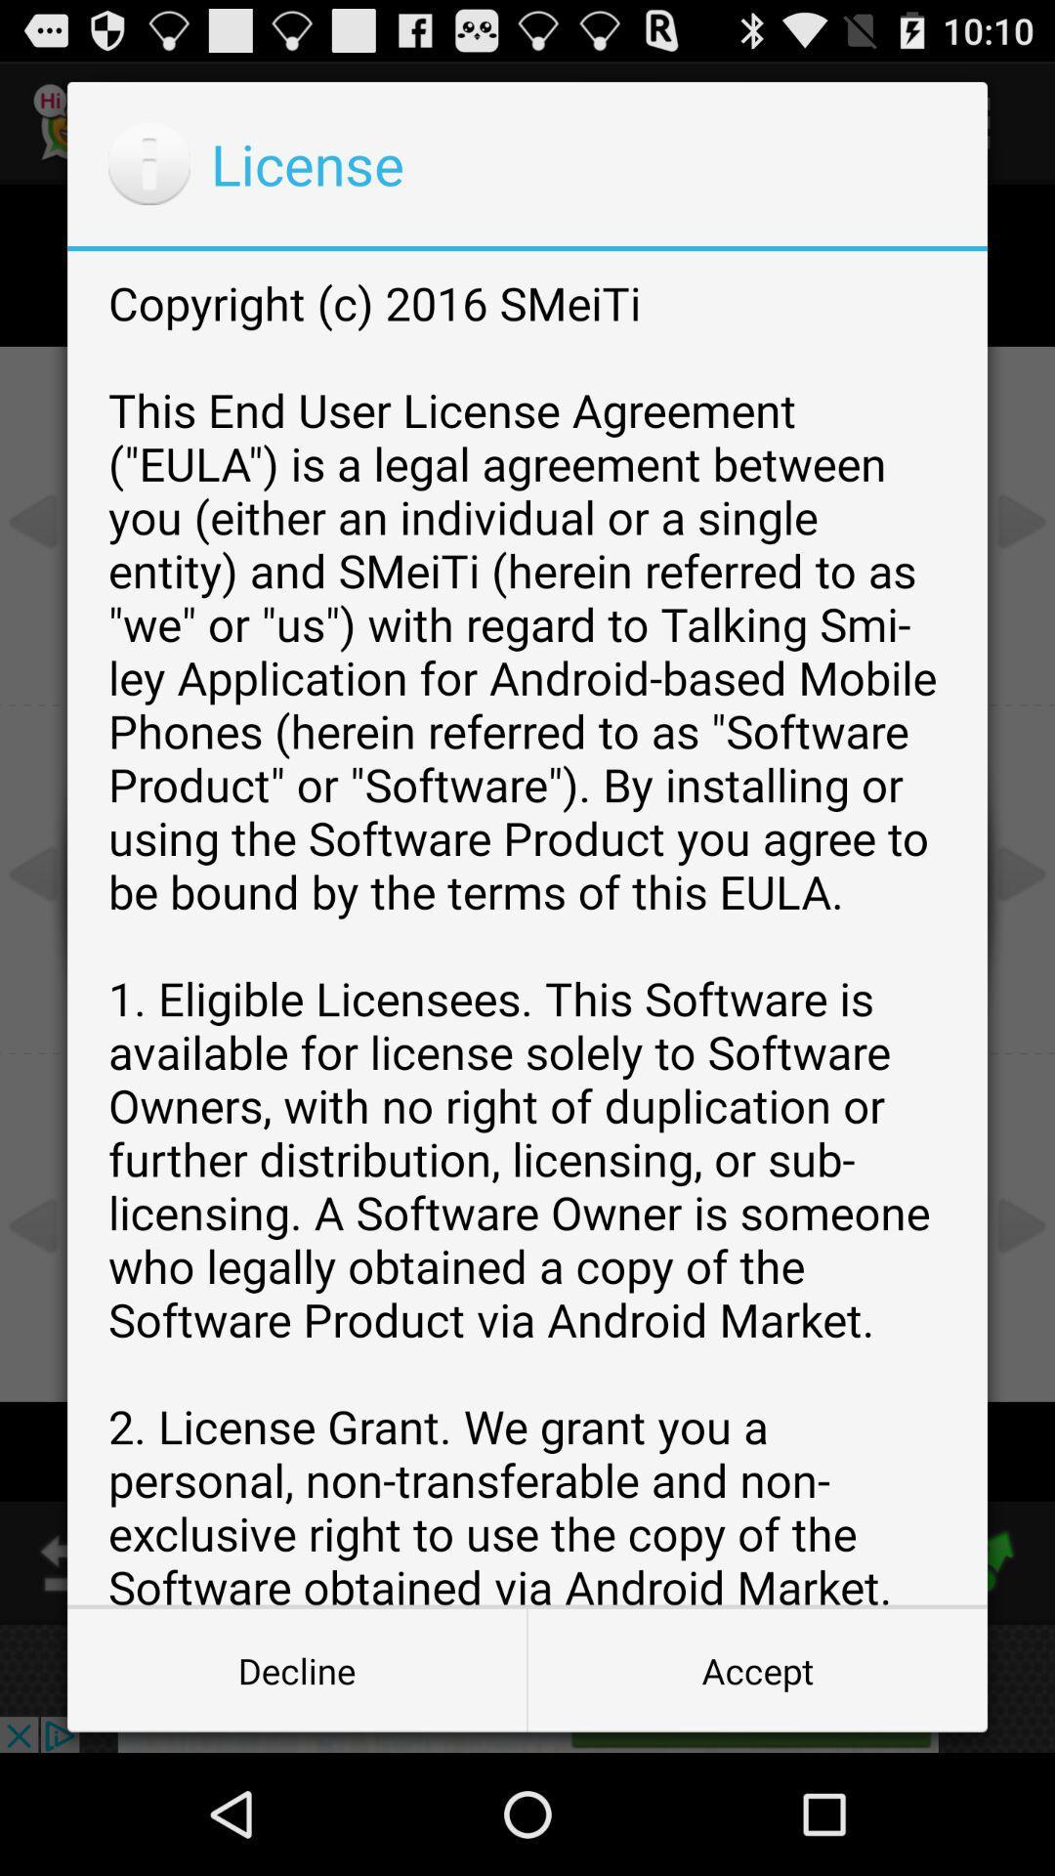  I want to click on the button next to decline, so click(756, 1669).